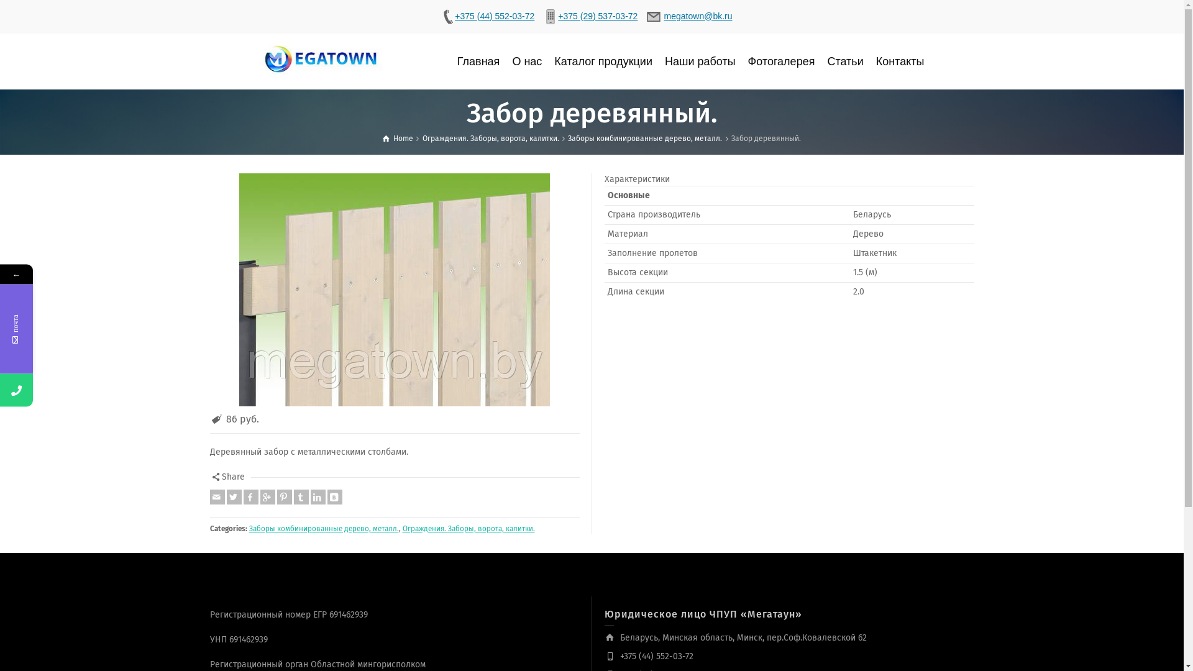 The width and height of the screenshot is (1193, 671). What do you see at coordinates (301, 496) in the screenshot?
I see `'Tumblr'` at bounding box center [301, 496].